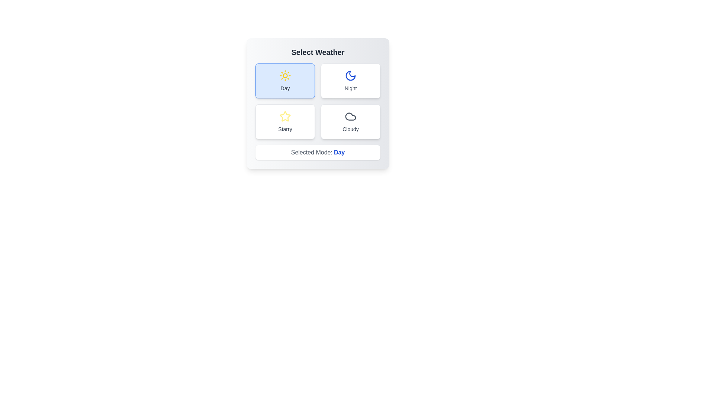  Describe the element at coordinates (285, 81) in the screenshot. I see `the weather mode by clicking on the corresponding button for Day` at that location.